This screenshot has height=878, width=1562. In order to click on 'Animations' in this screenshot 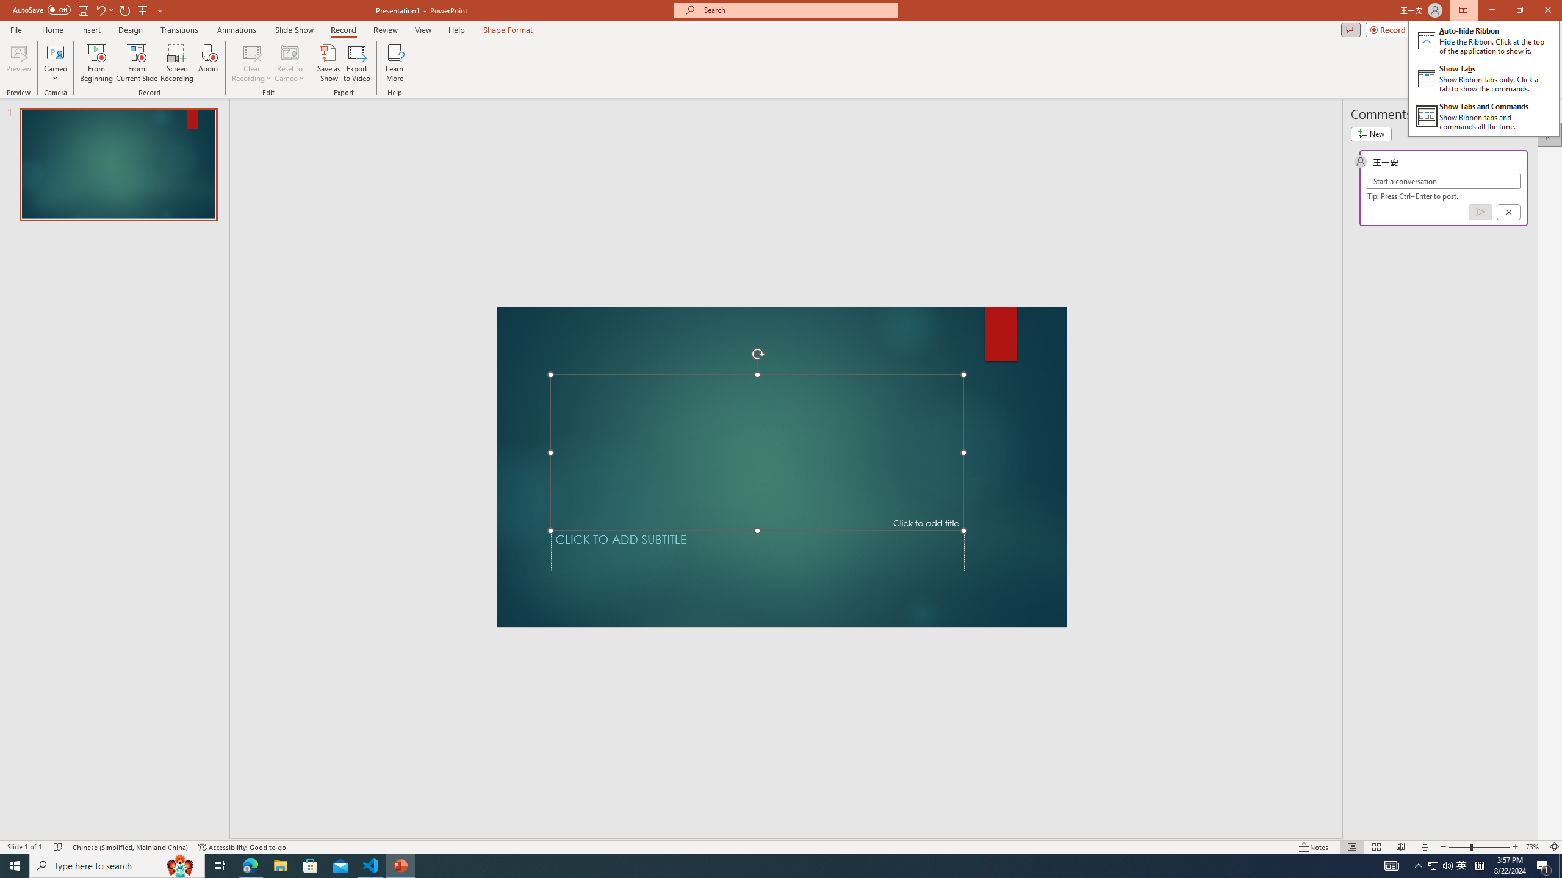, I will do `click(236, 30)`.